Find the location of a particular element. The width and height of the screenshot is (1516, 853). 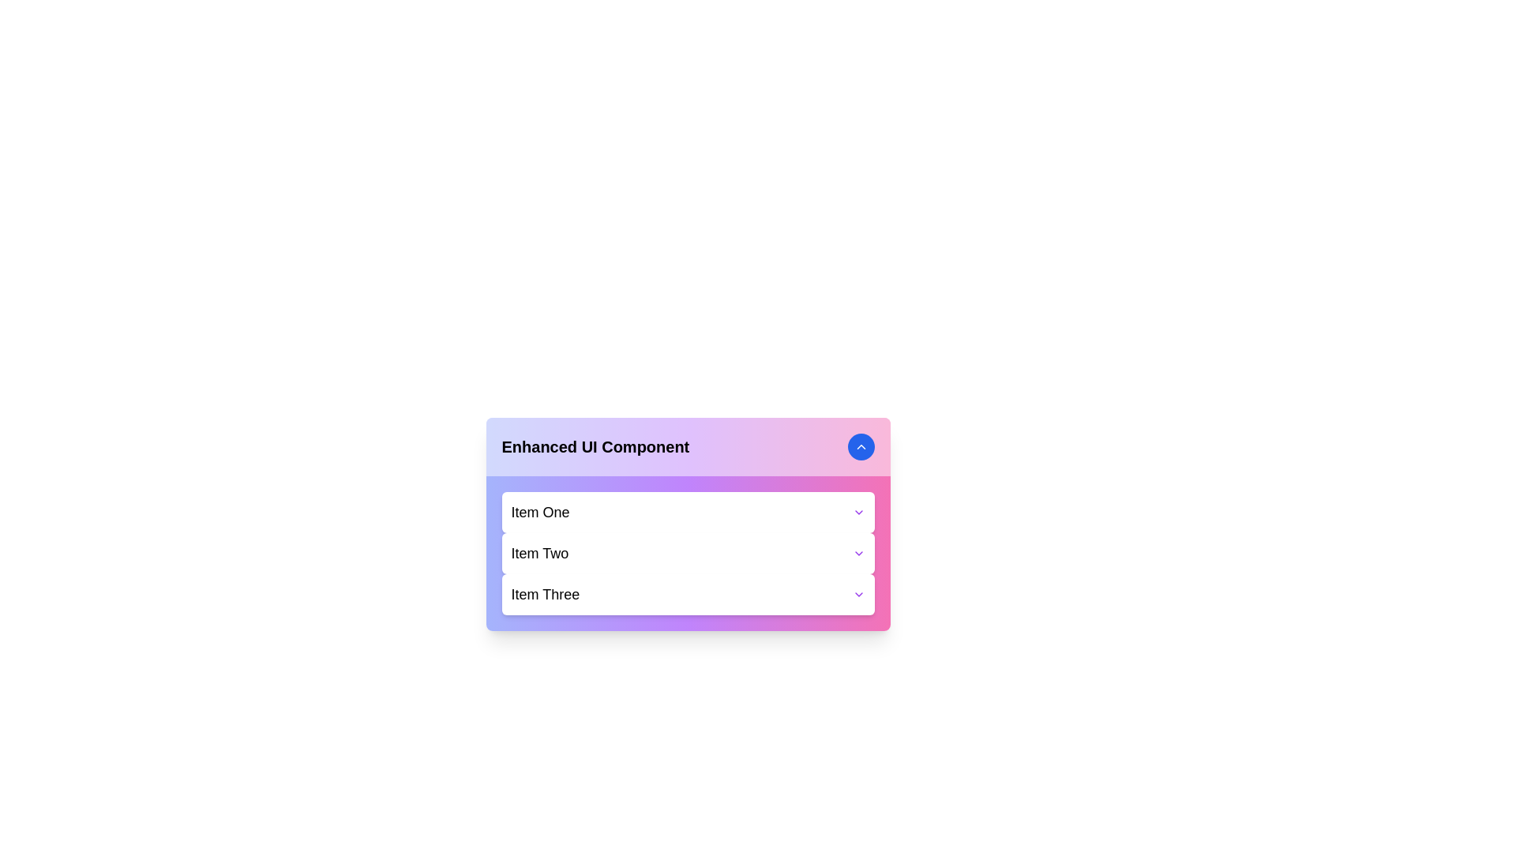

the List Item with Dropdown Functionality labeled 'Item One' to trigger visual feedback is located at coordinates (688, 512).